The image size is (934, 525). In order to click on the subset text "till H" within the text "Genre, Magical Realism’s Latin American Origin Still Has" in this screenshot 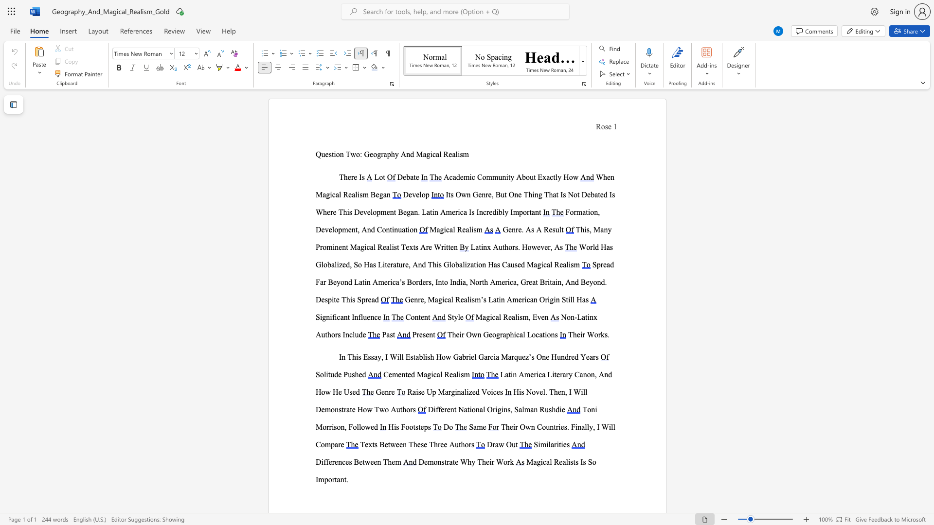, I will do `click(566, 299)`.